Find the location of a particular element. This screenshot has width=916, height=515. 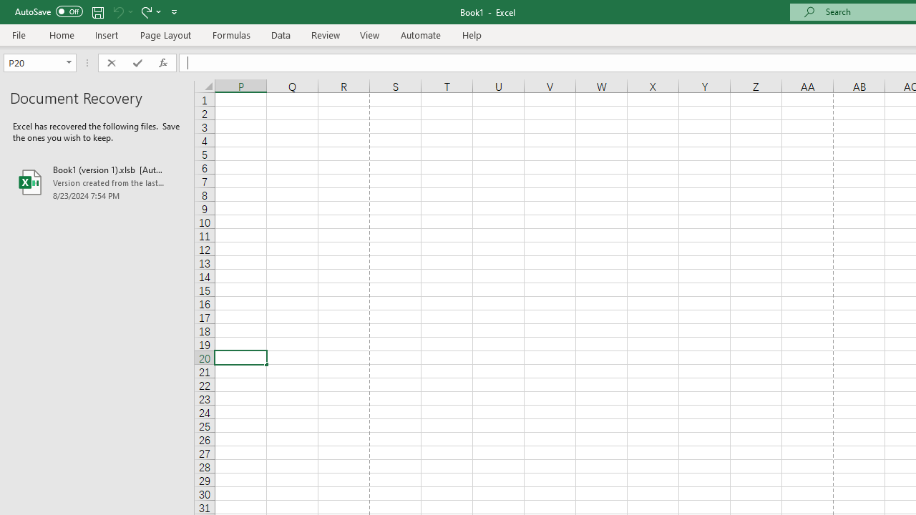

'Undo' is located at coordinates (117, 11).